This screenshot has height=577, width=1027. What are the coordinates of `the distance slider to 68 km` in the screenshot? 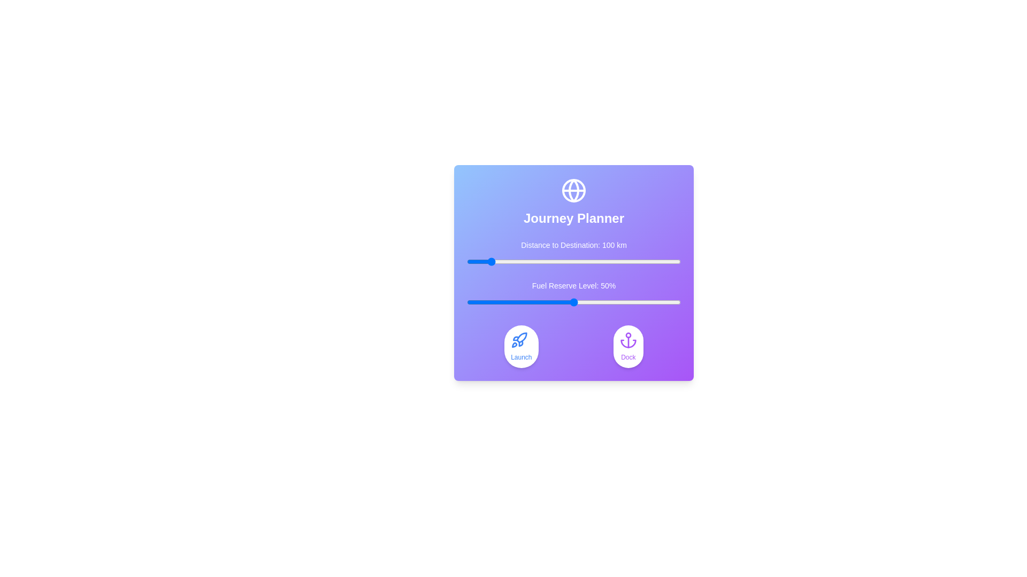 It's located at (481, 261).